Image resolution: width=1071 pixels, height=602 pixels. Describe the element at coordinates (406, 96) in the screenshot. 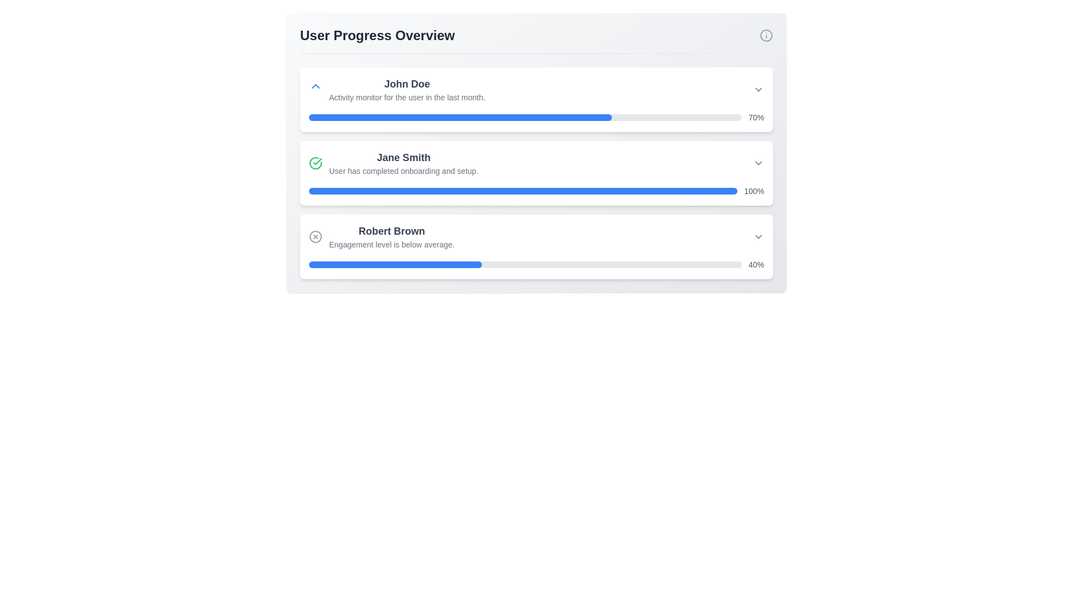

I see `the text label that reads 'Activity monitor for the user in the last month', which is styled in gray and positioned below the bold title 'John Doe' in the user progress overview interface` at that location.